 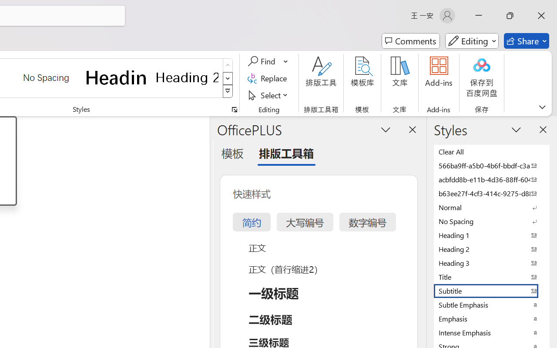 What do you see at coordinates (526, 41) in the screenshot?
I see `'Share'` at bounding box center [526, 41].